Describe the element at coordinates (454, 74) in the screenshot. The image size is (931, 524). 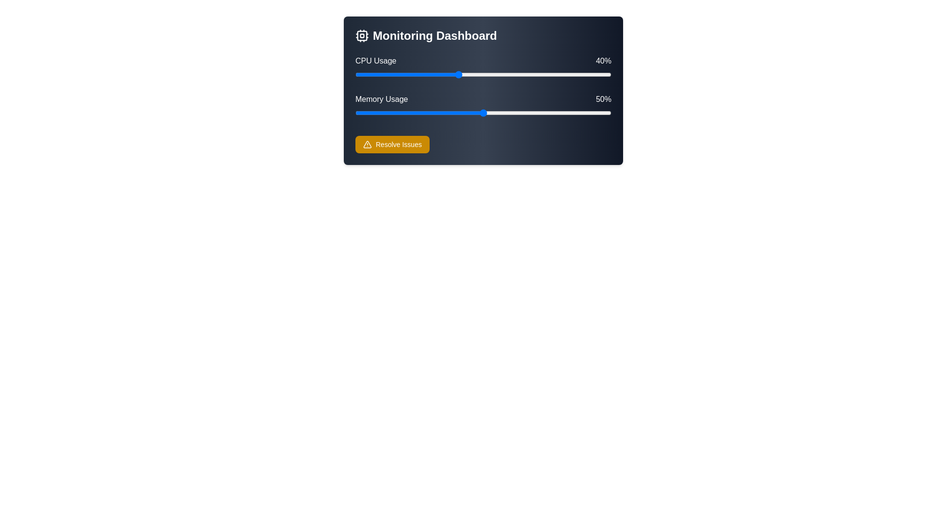
I see `CPU usage` at that location.